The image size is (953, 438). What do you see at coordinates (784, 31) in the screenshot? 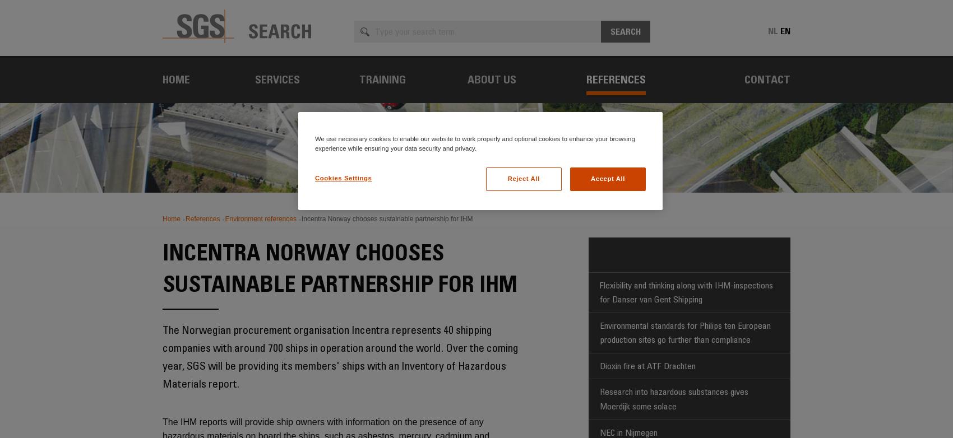
I see `'en'` at bounding box center [784, 31].